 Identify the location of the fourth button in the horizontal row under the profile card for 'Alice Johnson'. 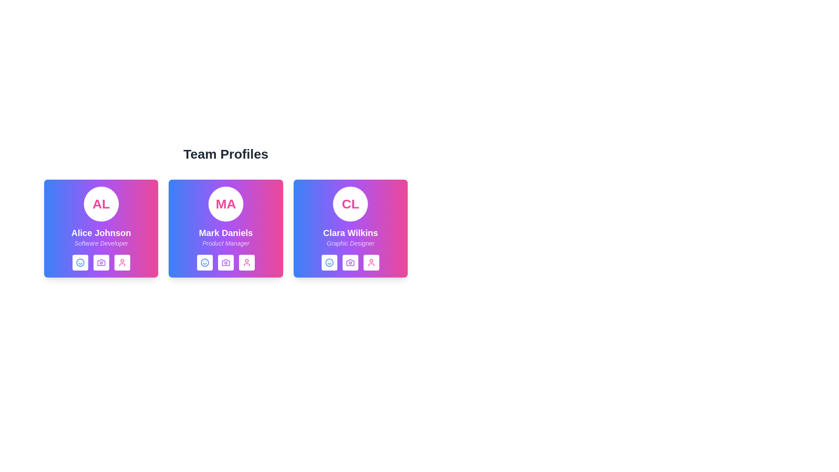
(121, 262).